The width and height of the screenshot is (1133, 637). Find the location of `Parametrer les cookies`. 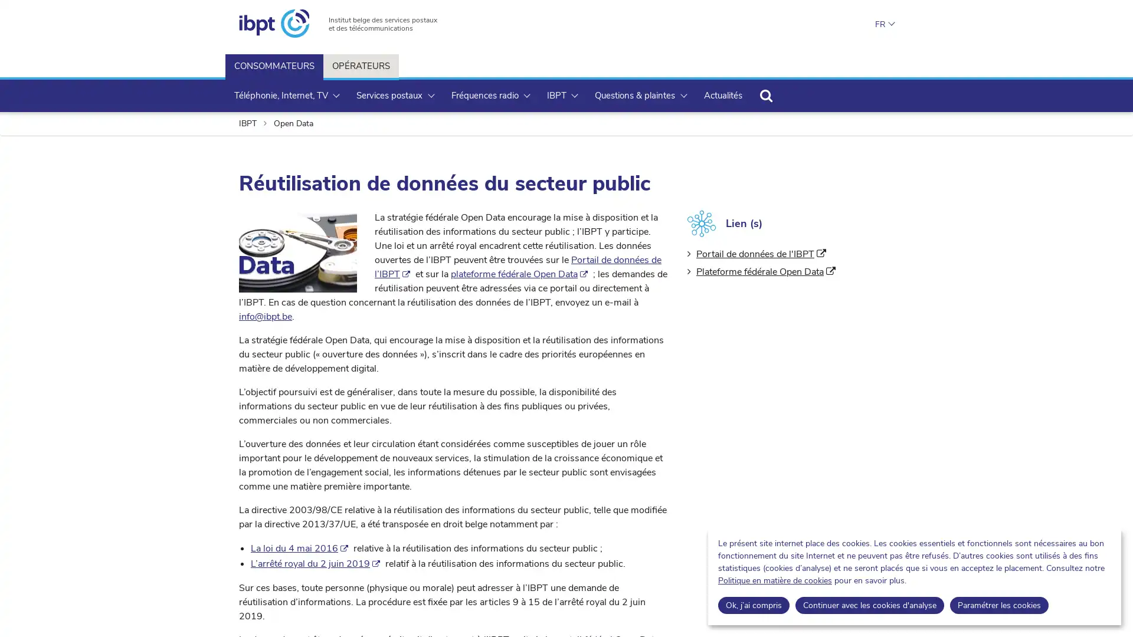

Parametrer les cookies is located at coordinates (998, 605).